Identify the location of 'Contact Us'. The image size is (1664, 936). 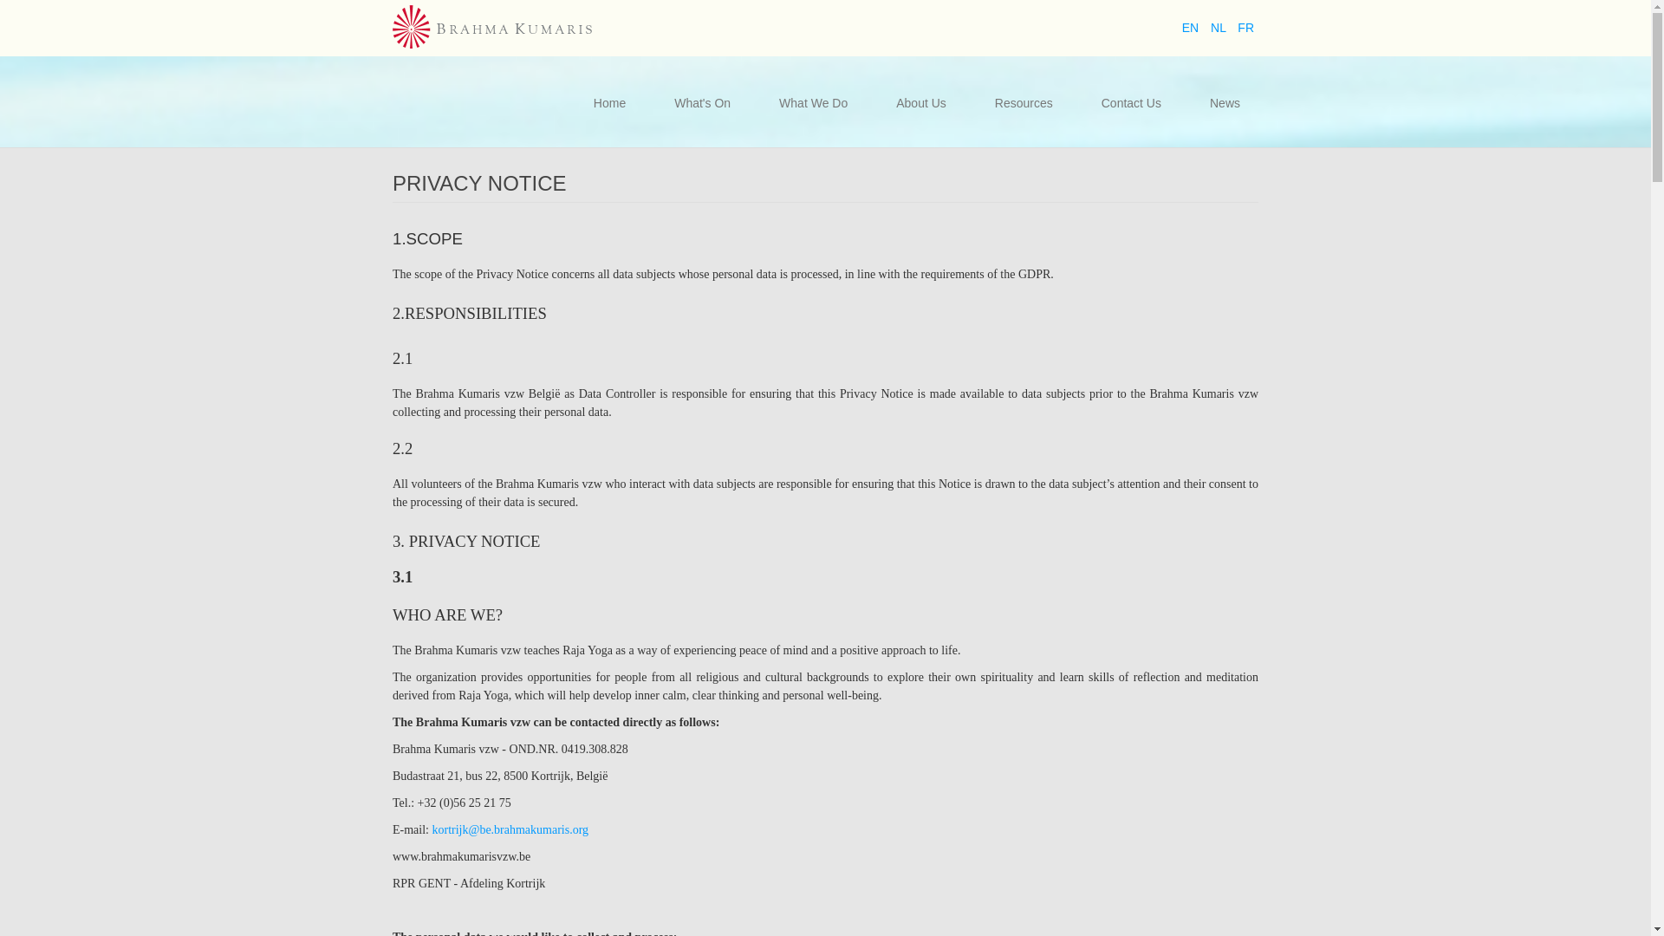
(1131, 103).